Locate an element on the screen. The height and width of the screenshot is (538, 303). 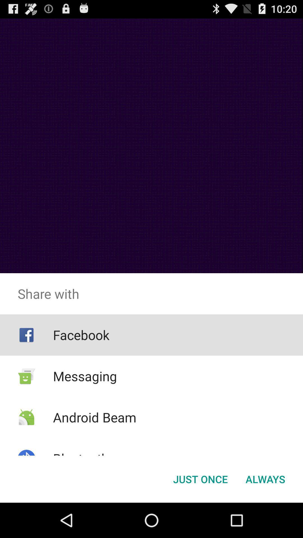
button next to just once button is located at coordinates (265, 479).